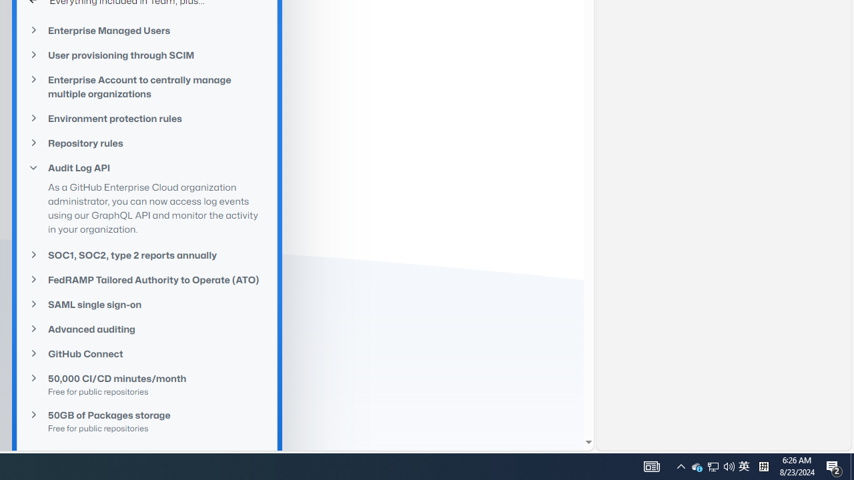 Image resolution: width=854 pixels, height=480 pixels. What do you see at coordinates (147, 329) in the screenshot?
I see `'Advanced auditing'` at bounding box center [147, 329].